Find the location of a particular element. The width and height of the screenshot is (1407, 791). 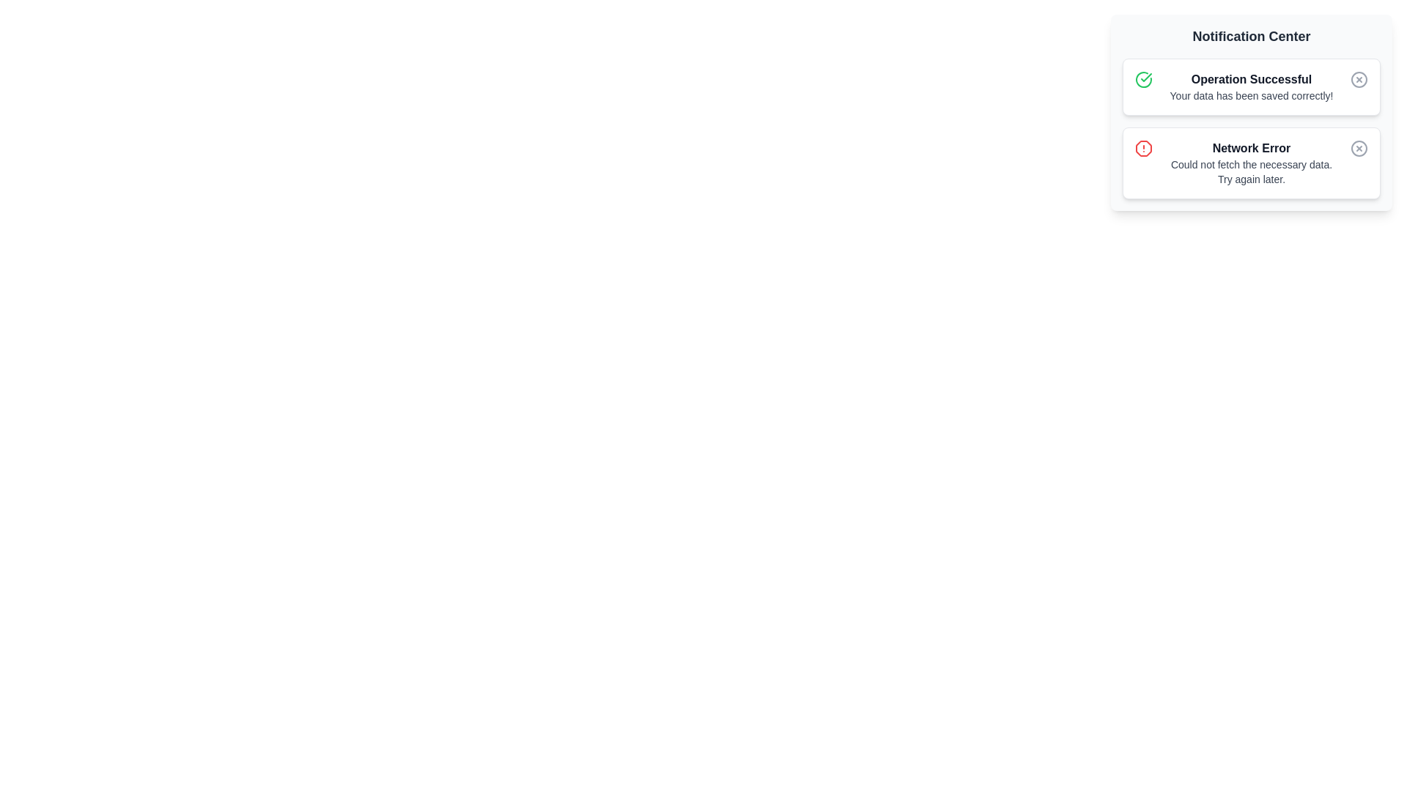

circular SVG graphic located in the top-right corner of the 'Operation Successful' notification for debugging purposes is located at coordinates (1358, 79).